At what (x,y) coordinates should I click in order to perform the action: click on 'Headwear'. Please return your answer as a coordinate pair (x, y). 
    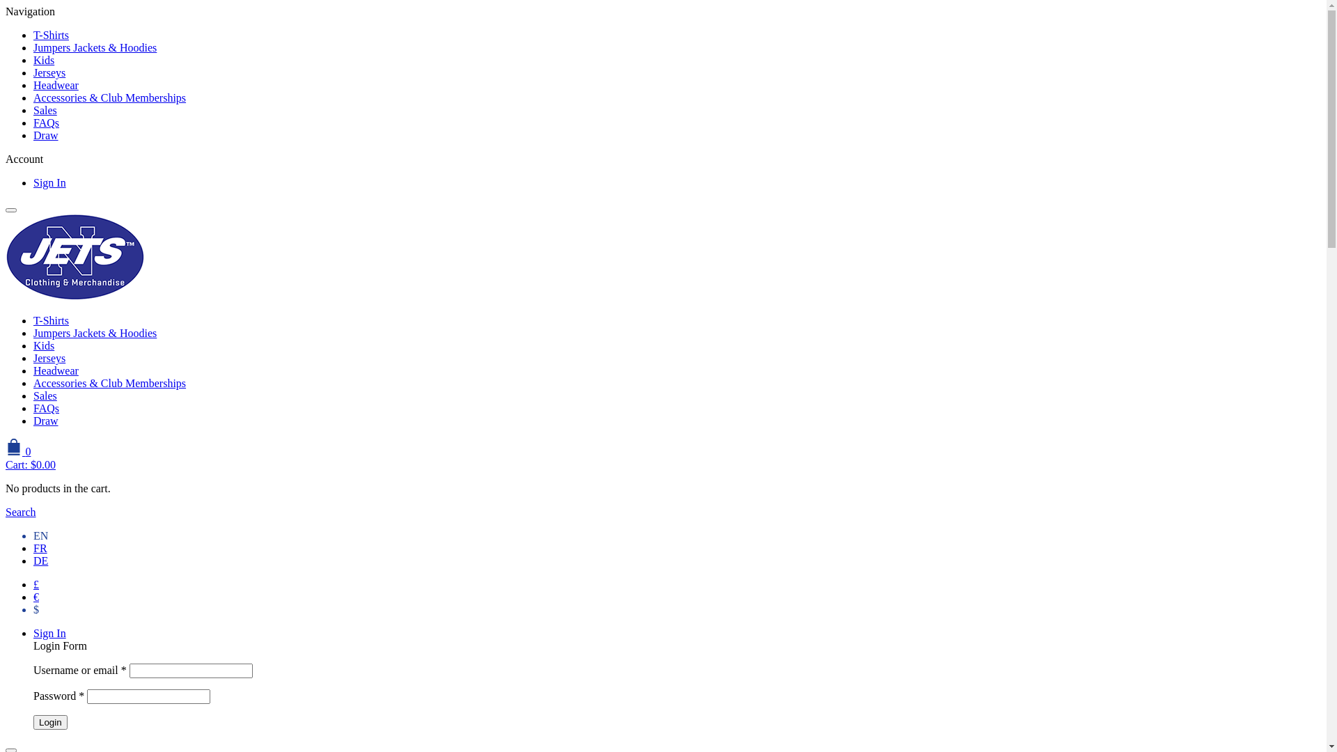
    Looking at the image, I should click on (56, 370).